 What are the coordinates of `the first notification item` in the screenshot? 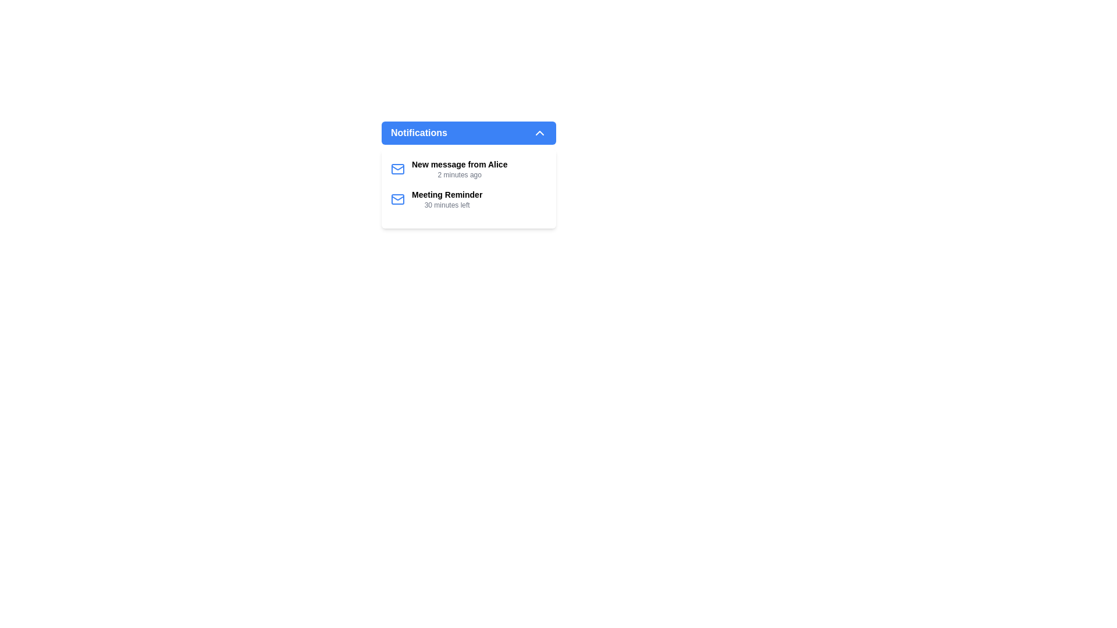 It's located at (459, 169).